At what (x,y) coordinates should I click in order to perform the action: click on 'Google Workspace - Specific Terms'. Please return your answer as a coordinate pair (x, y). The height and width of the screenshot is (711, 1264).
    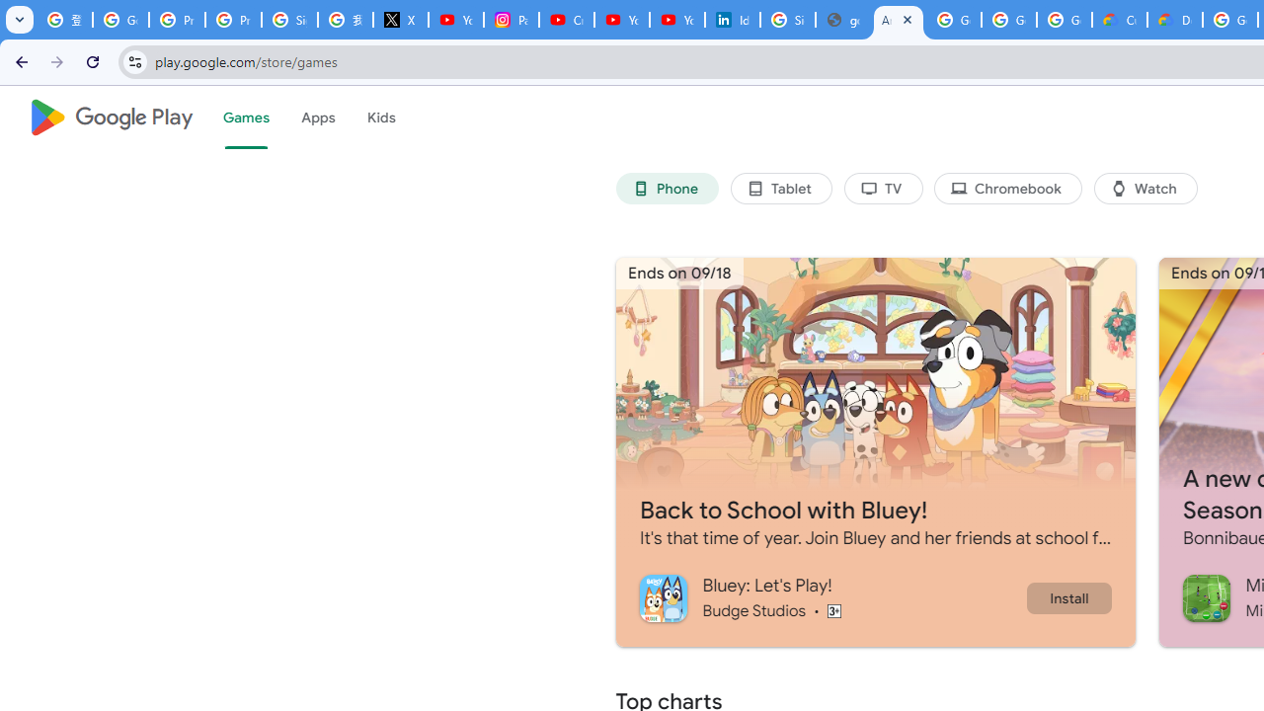
    Looking at the image, I should click on (1009, 20).